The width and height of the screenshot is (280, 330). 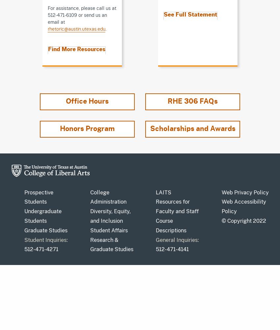 What do you see at coordinates (59, 128) in the screenshot?
I see `'Honors Program'` at bounding box center [59, 128].